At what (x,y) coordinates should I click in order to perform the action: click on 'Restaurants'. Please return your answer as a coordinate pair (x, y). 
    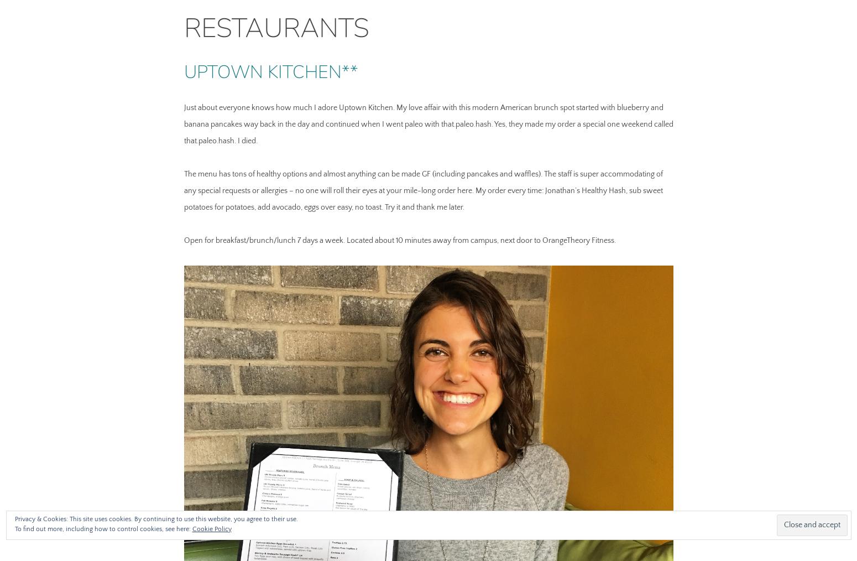
    Looking at the image, I should click on (183, 28).